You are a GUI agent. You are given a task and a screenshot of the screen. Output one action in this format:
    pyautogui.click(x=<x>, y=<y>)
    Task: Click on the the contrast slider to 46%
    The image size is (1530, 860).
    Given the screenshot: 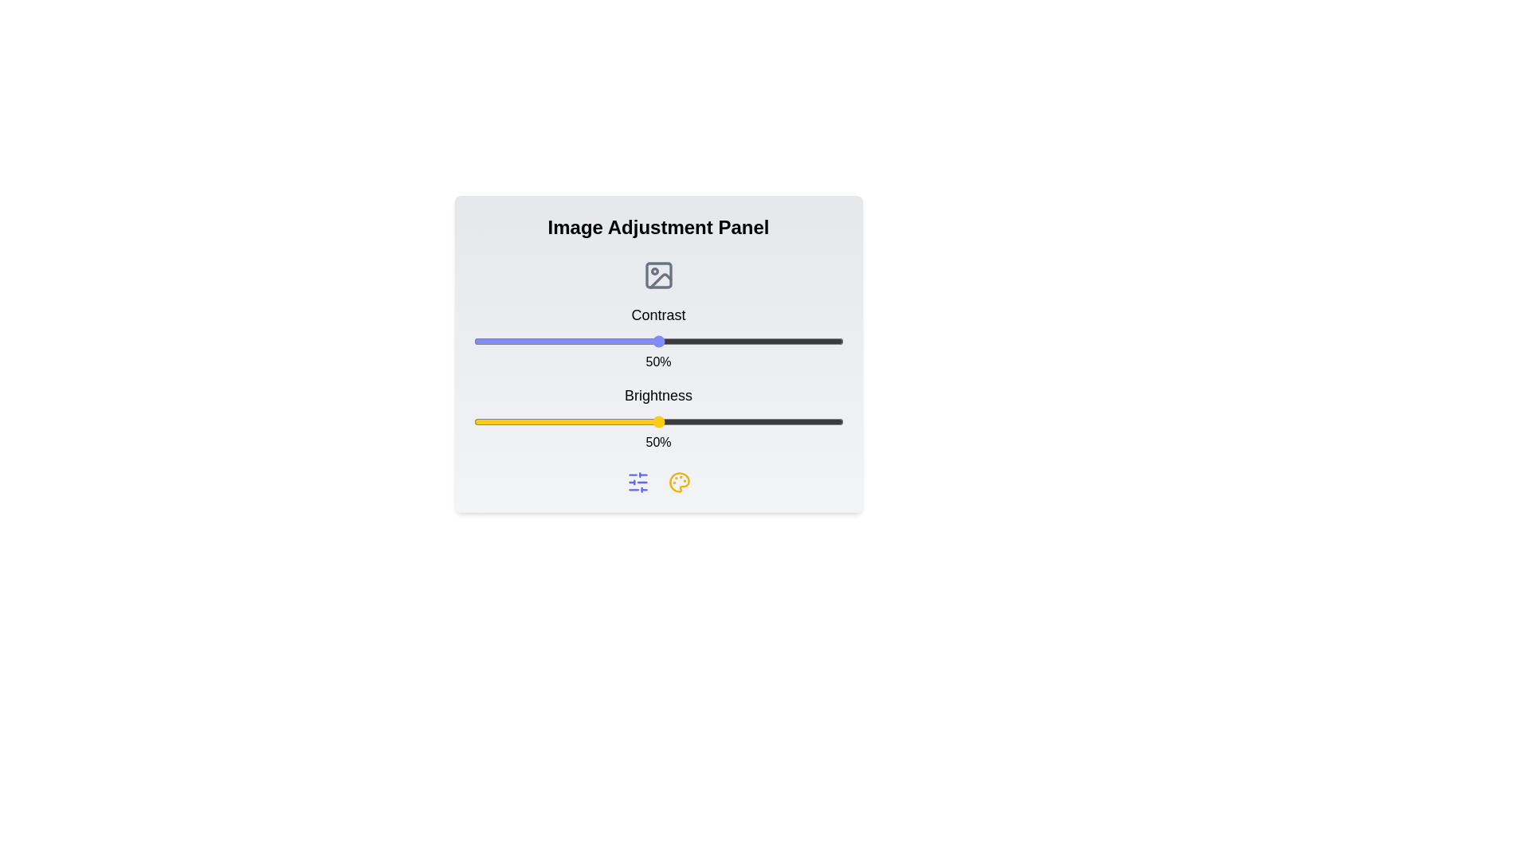 What is the action you would take?
    pyautogui.click(x=643, y=340)
    